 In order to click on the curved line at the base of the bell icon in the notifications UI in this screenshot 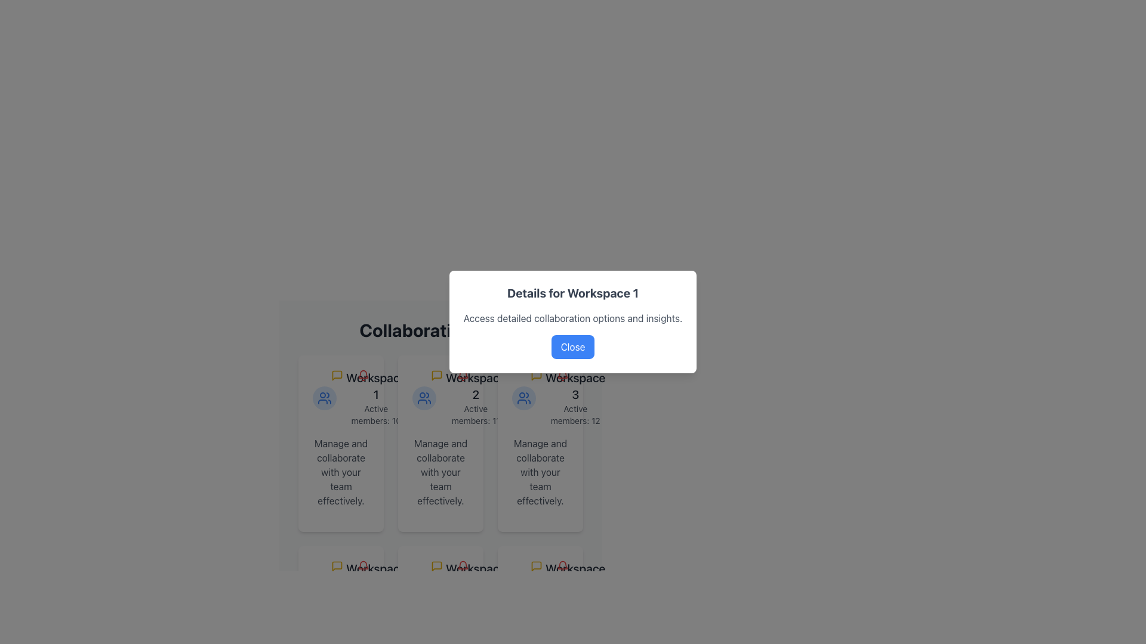, I will do `click(562, 373)`.